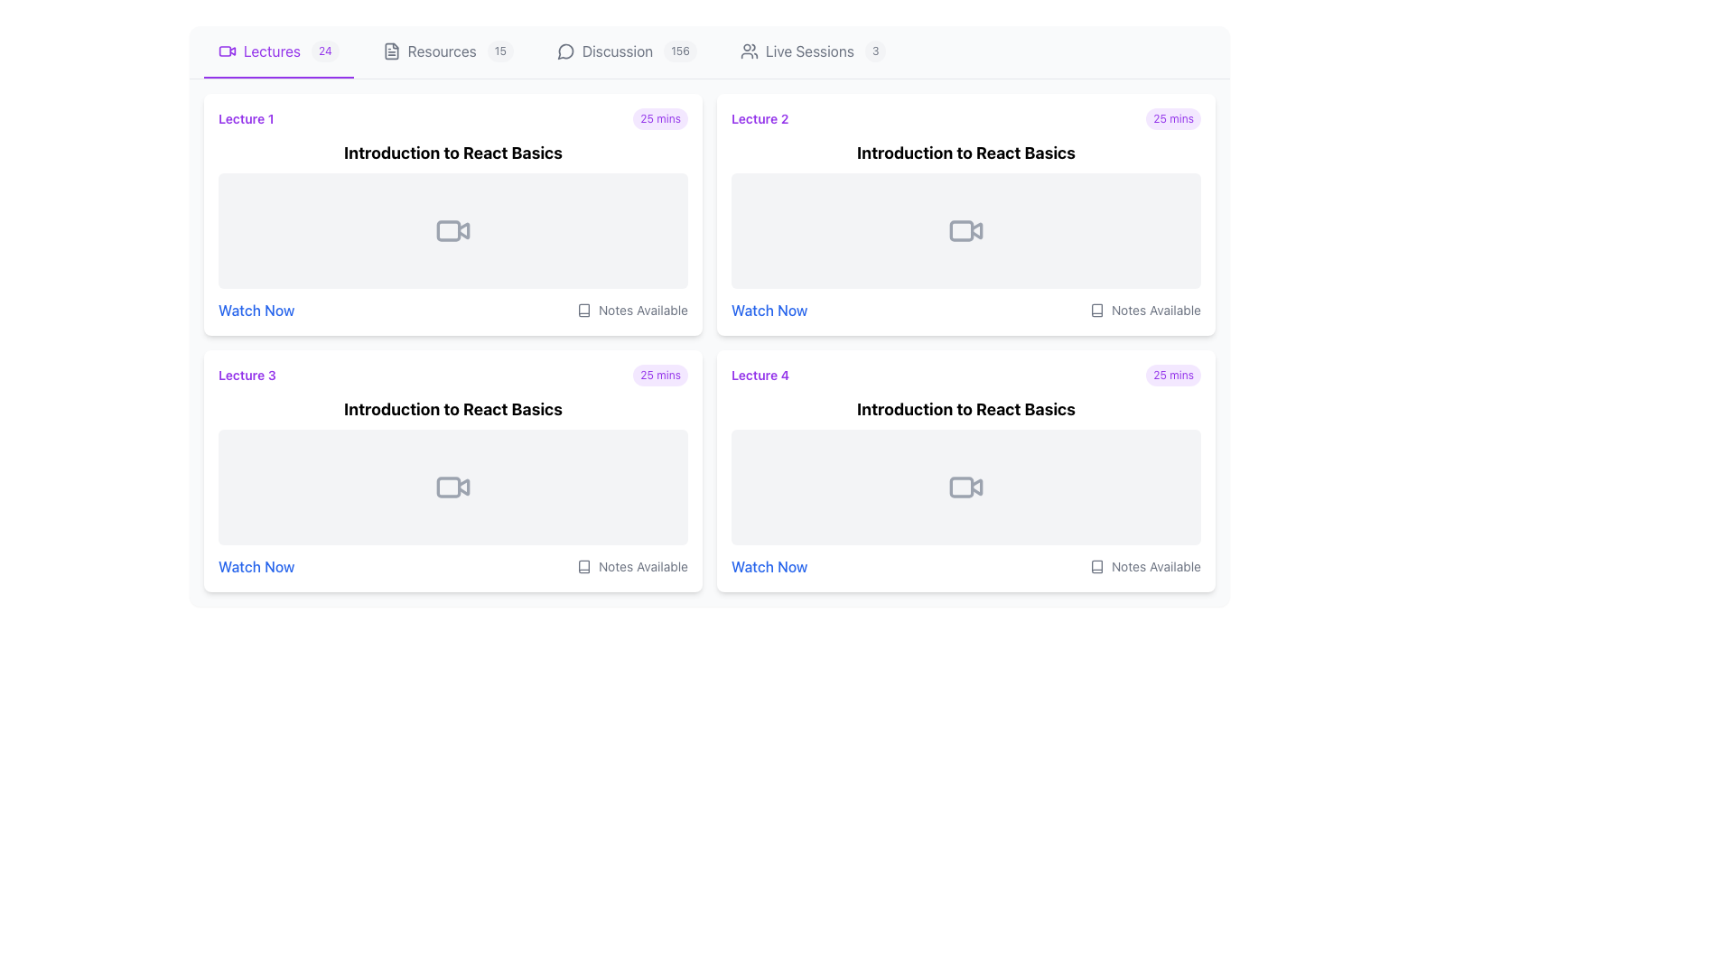 This screenshot has width=1734, height=975. What do you see at coordinates (965, 566) in the screenshot?
I see `the 'Notes Available' text in the Interactive text and icon group located at the lower portion of the 'Lecture 4' card` at bounding box center [965, 566].